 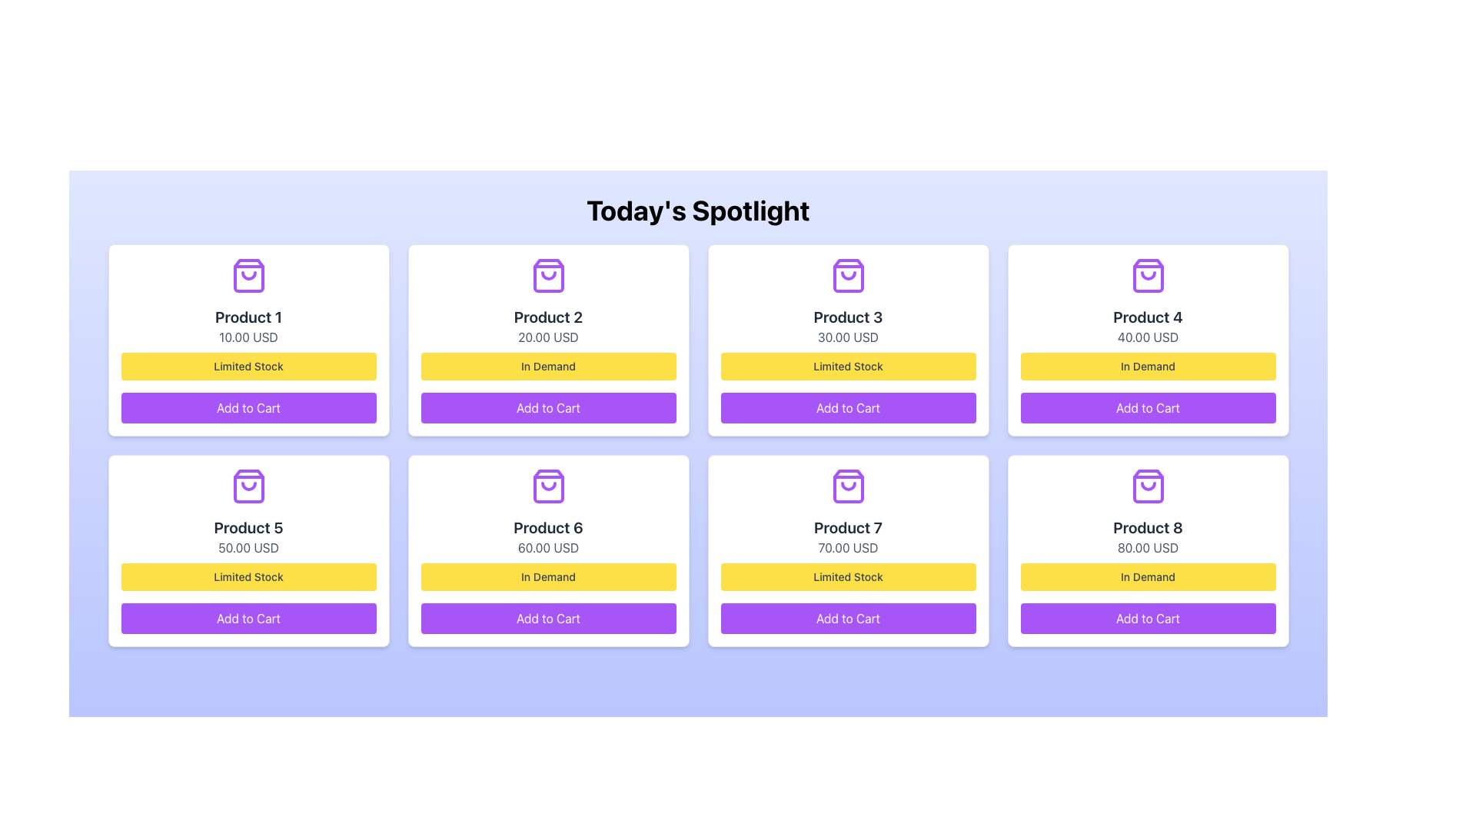 What do you see at coordinates (548, 577) in the screenshot?
I see `the rectangular yellow banner with rounded corners that displays the text 'In Demand' for 'Product 6', located in the second row and second column of the product grid` at bounding box center [548, 577].